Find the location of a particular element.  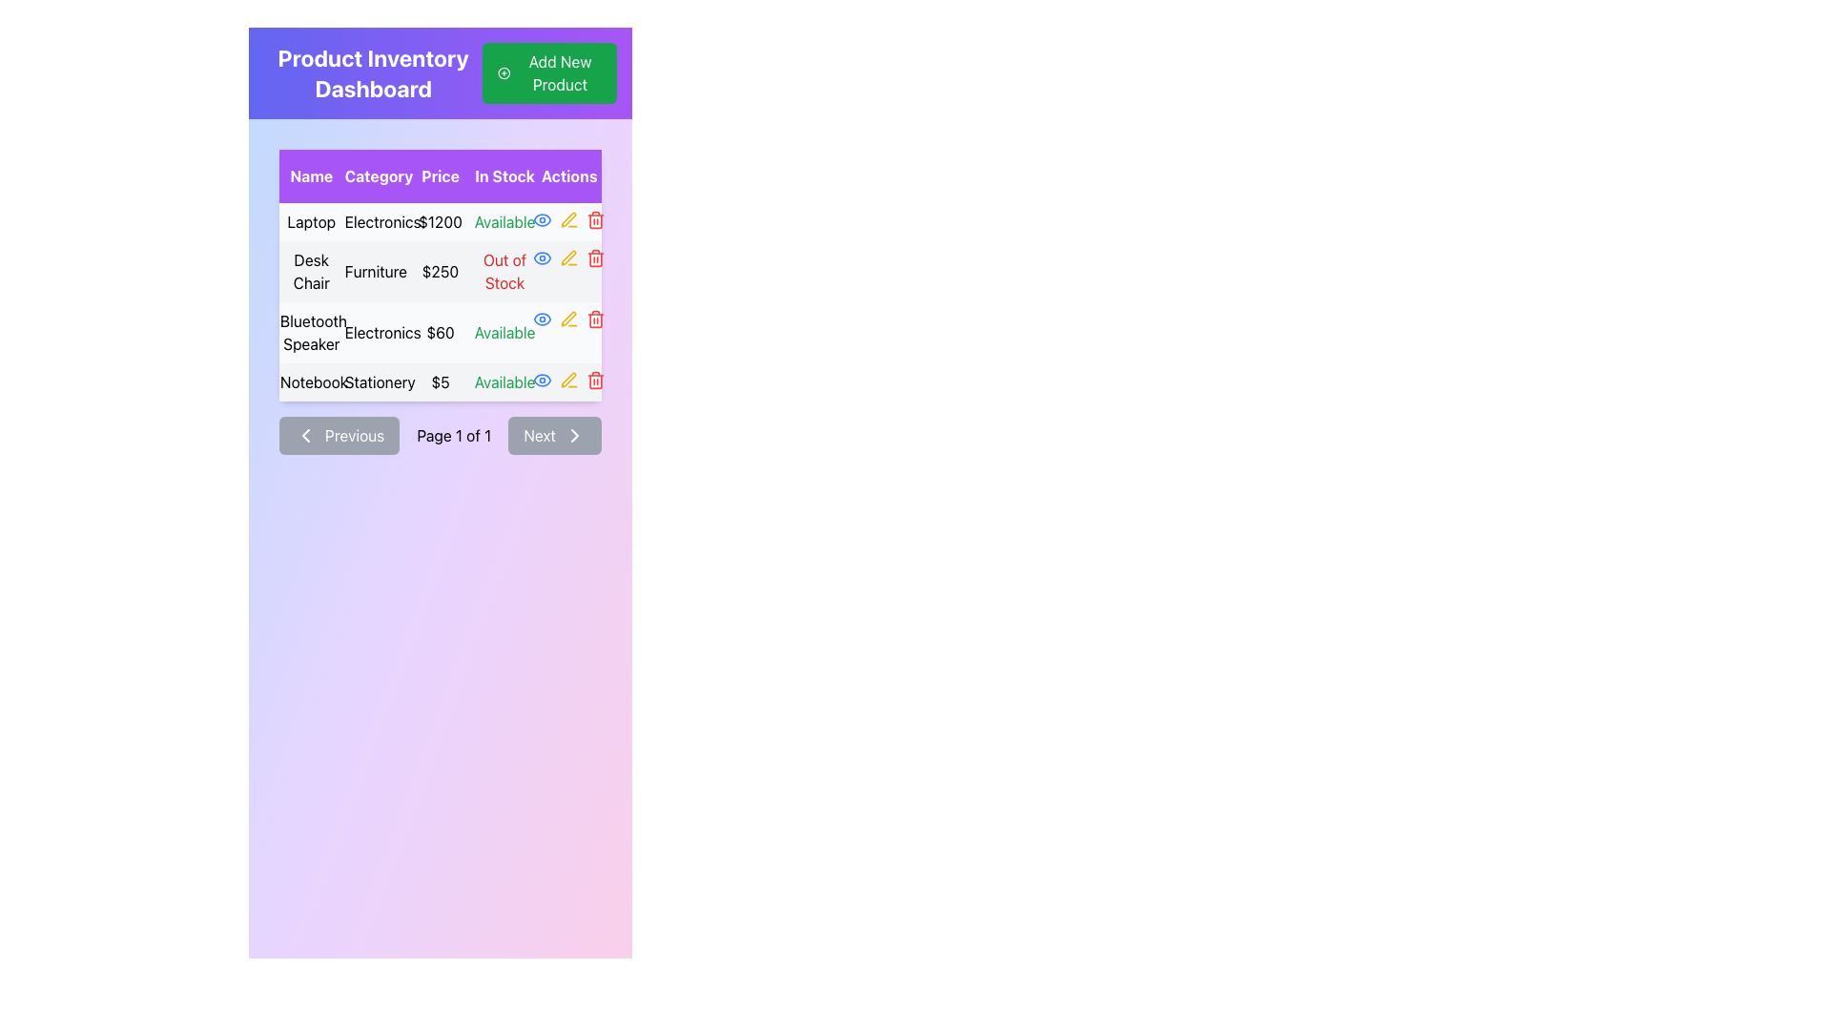

the 'Previous' button, which is a rectangular button with rounded corners, grey background, and white text is located at coordinates (339, 435).